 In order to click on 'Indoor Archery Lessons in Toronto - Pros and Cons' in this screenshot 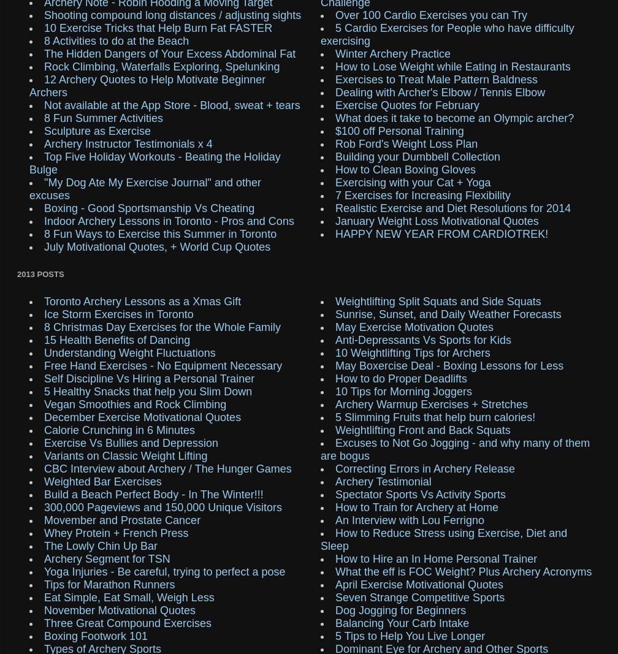, I will do `click(169, 220)`.